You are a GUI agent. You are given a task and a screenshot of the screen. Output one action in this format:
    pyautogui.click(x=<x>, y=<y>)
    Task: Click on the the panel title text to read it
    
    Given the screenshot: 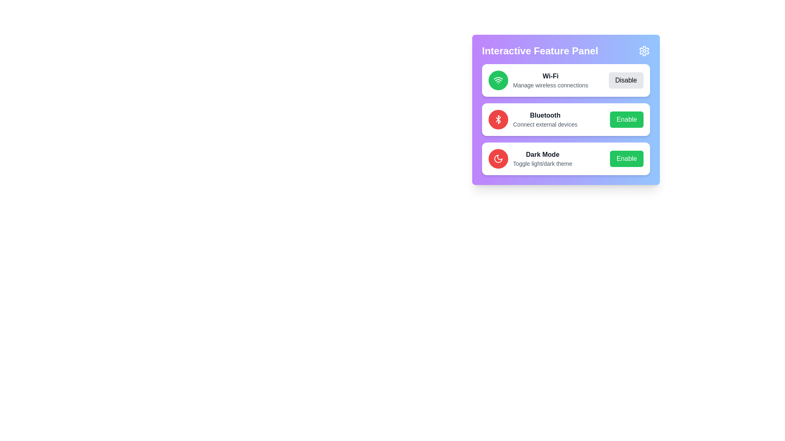 What is the action you would take?
    pyautogui.click(x=565, y=51)
    